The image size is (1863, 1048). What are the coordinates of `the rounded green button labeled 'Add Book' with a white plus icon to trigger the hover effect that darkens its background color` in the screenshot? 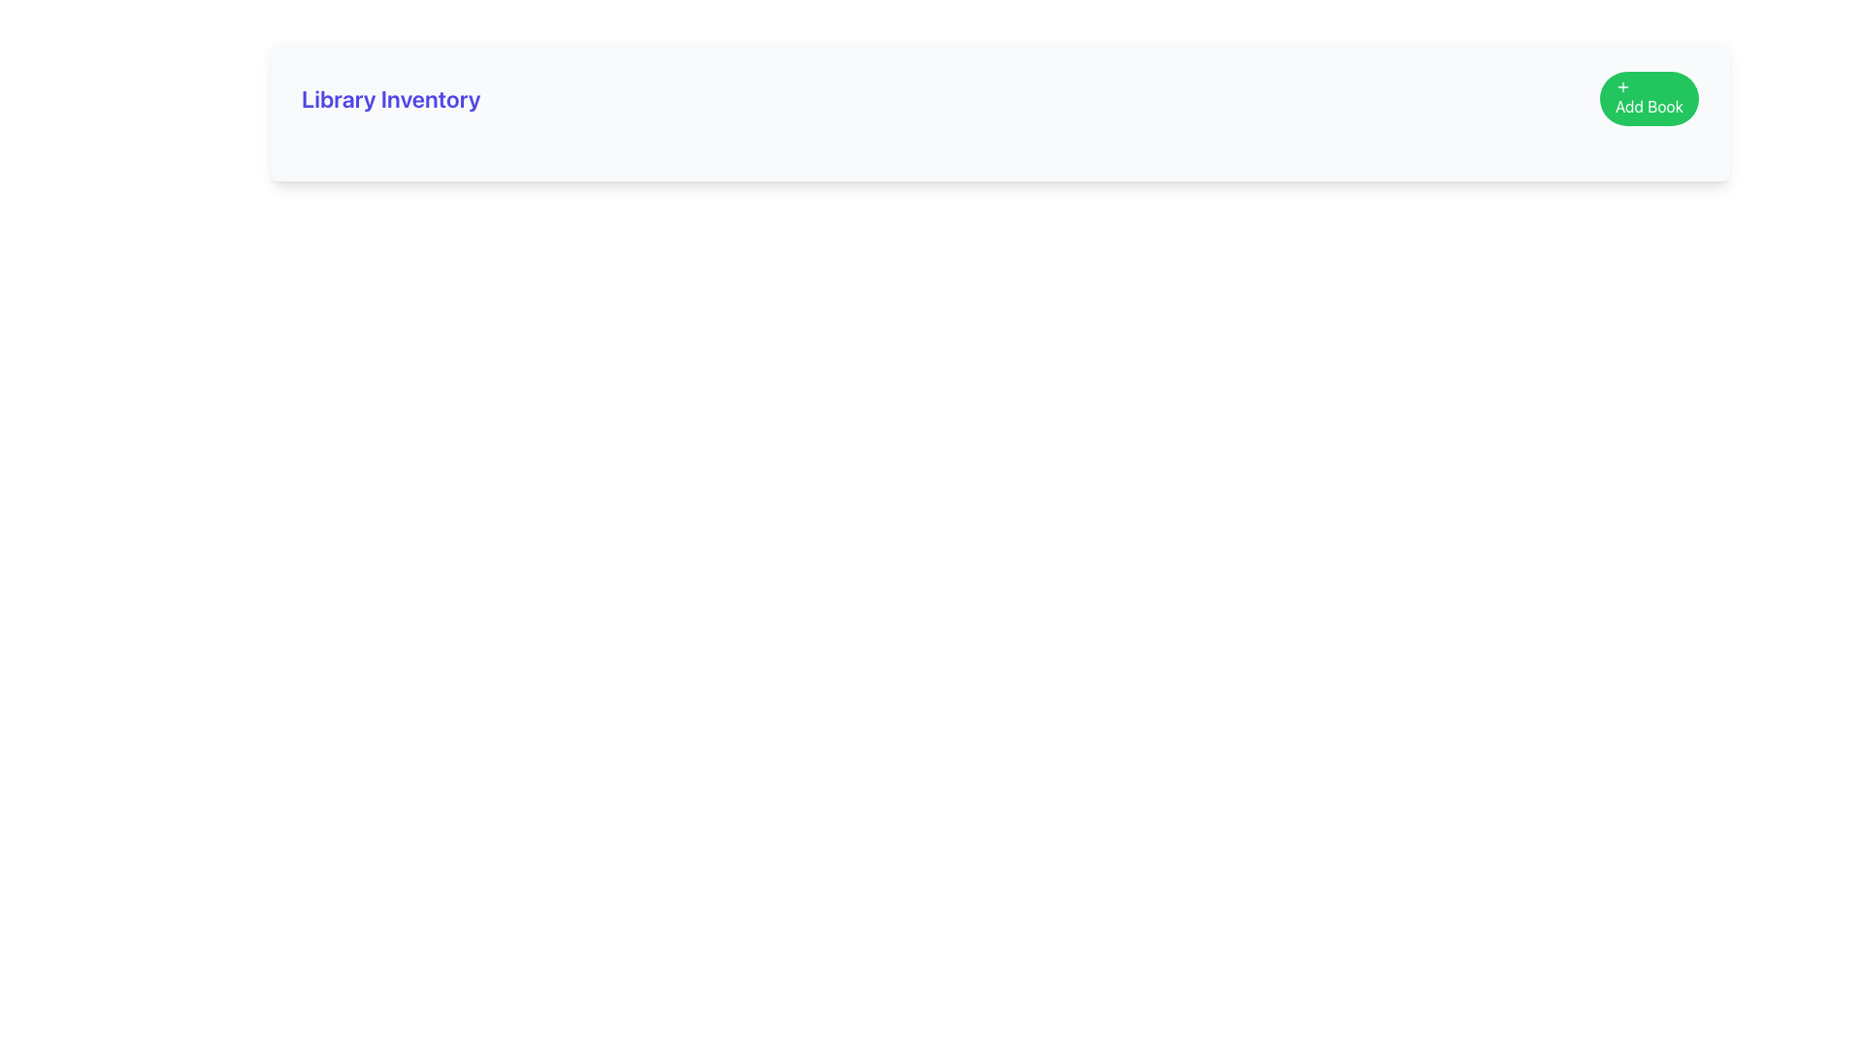 It's located at (1648, 98).